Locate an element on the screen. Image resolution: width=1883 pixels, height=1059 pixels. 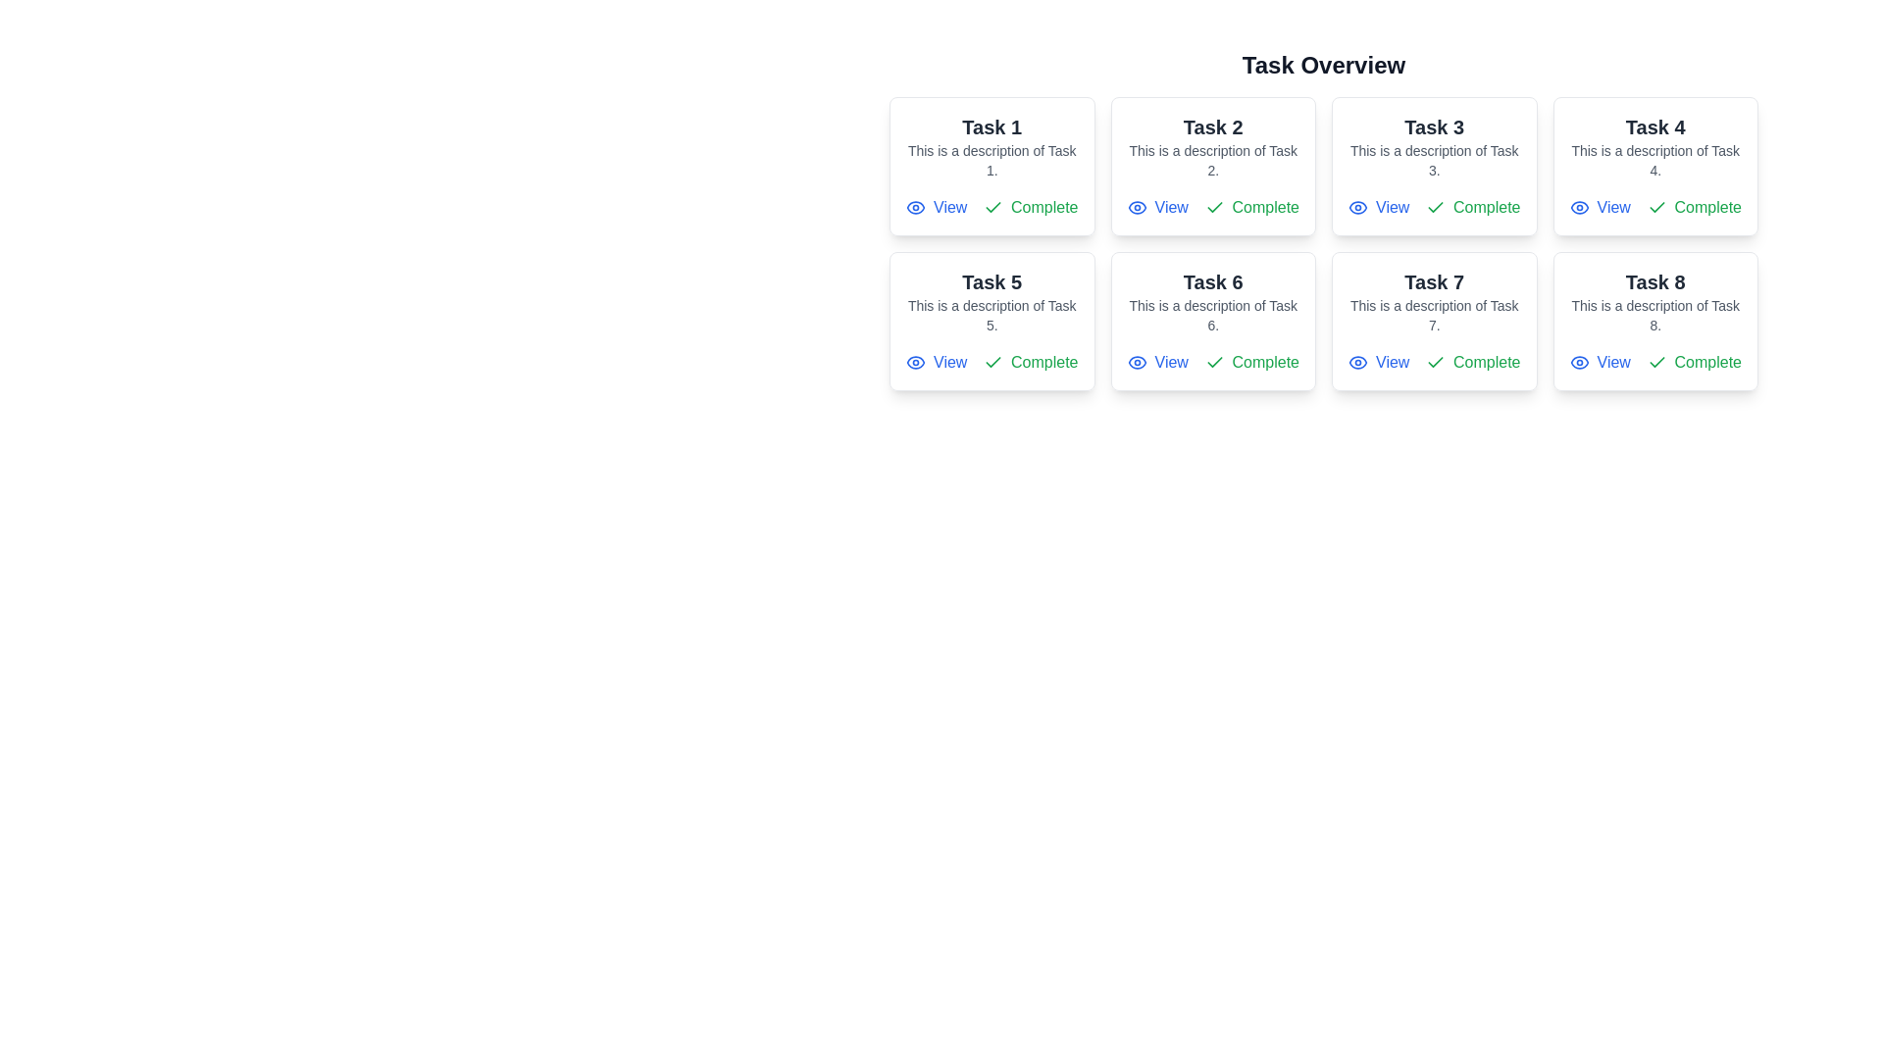
the eye icon in the second task card of the 'Task Overview' section is located at coordinates (1137, 208).